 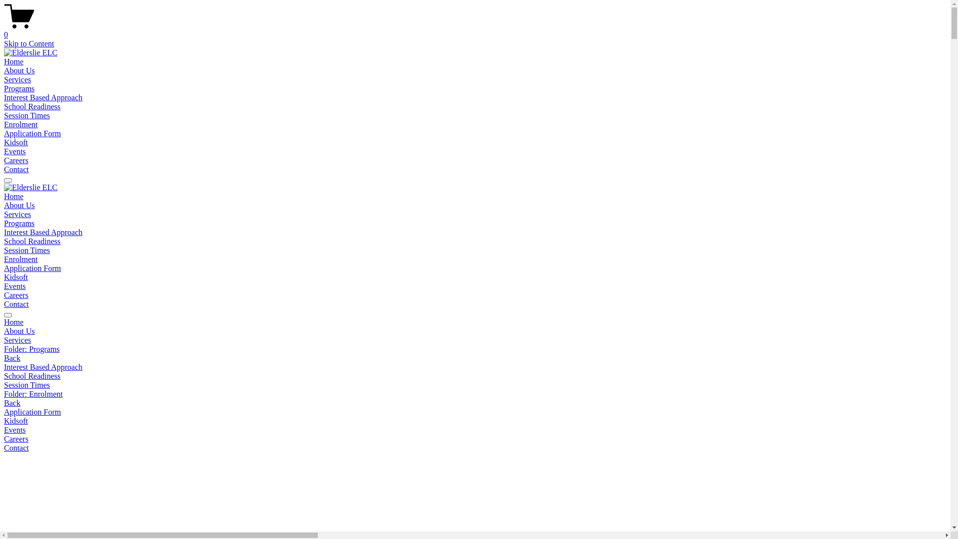 I want to click on 'Careers', so click(x=16, y=294).